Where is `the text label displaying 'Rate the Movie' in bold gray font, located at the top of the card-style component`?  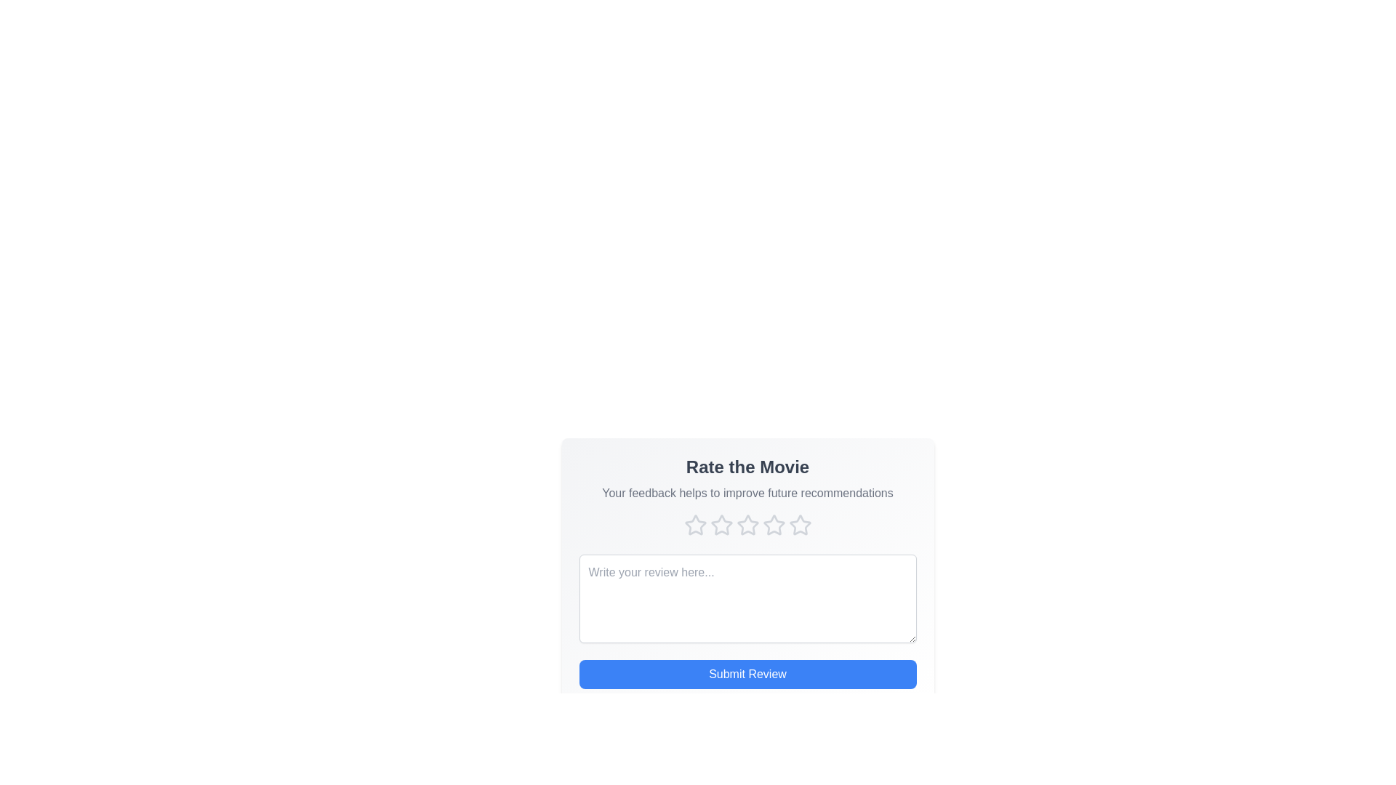 the text label displaying 'Rate the Movie' in bold gray font, located at the top of the card-style component is located at coordinates (747, 467).